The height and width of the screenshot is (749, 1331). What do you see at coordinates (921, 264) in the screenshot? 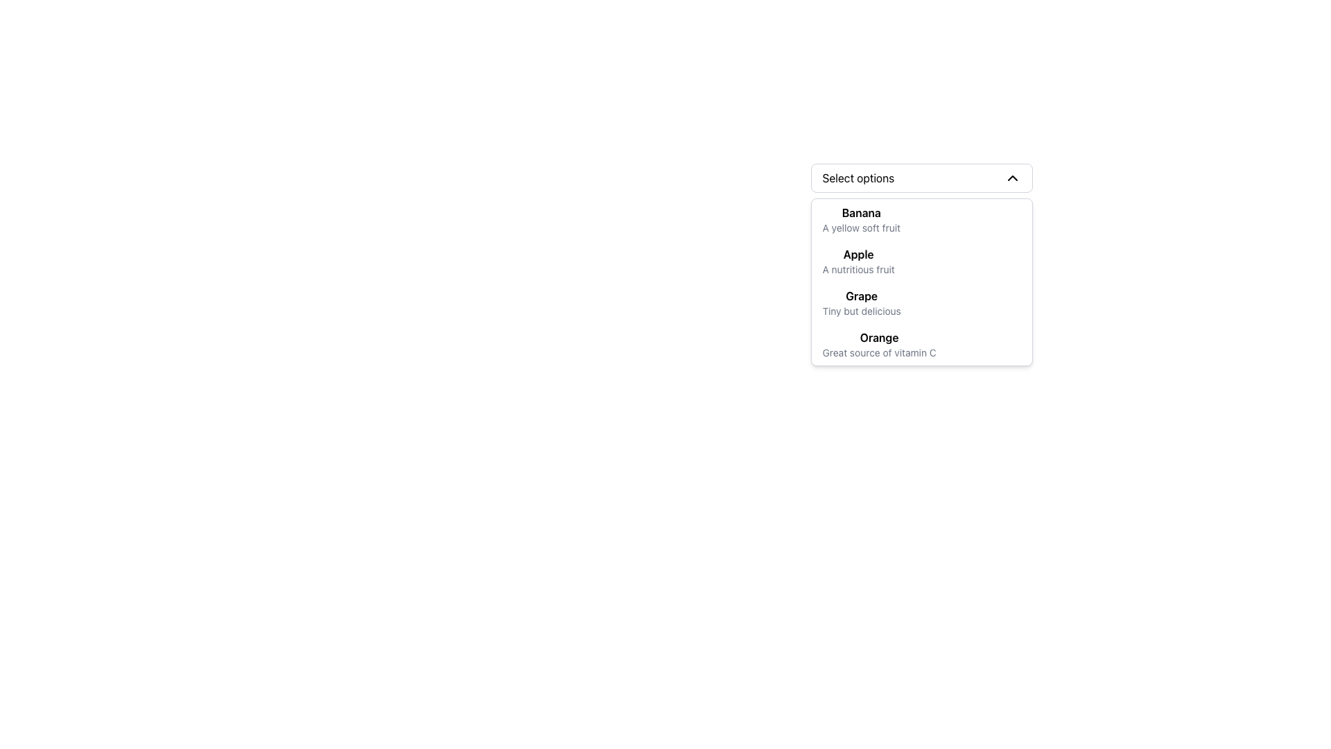
I see `the 'Apple' option in the dropdown menu located under 'Select options'` at bounding box center [921, 264].